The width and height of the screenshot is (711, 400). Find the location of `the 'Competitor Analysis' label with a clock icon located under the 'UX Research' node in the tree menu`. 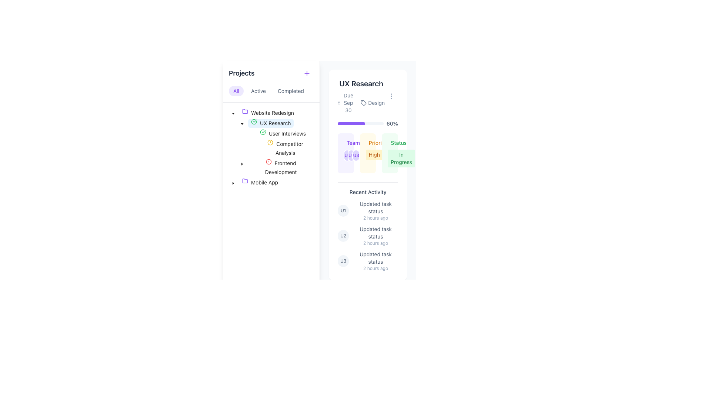

the 'Competitor Analysis' label with a clock icon located under the 'UX Research' node in the tree menu is located at coordinates (285, 149).